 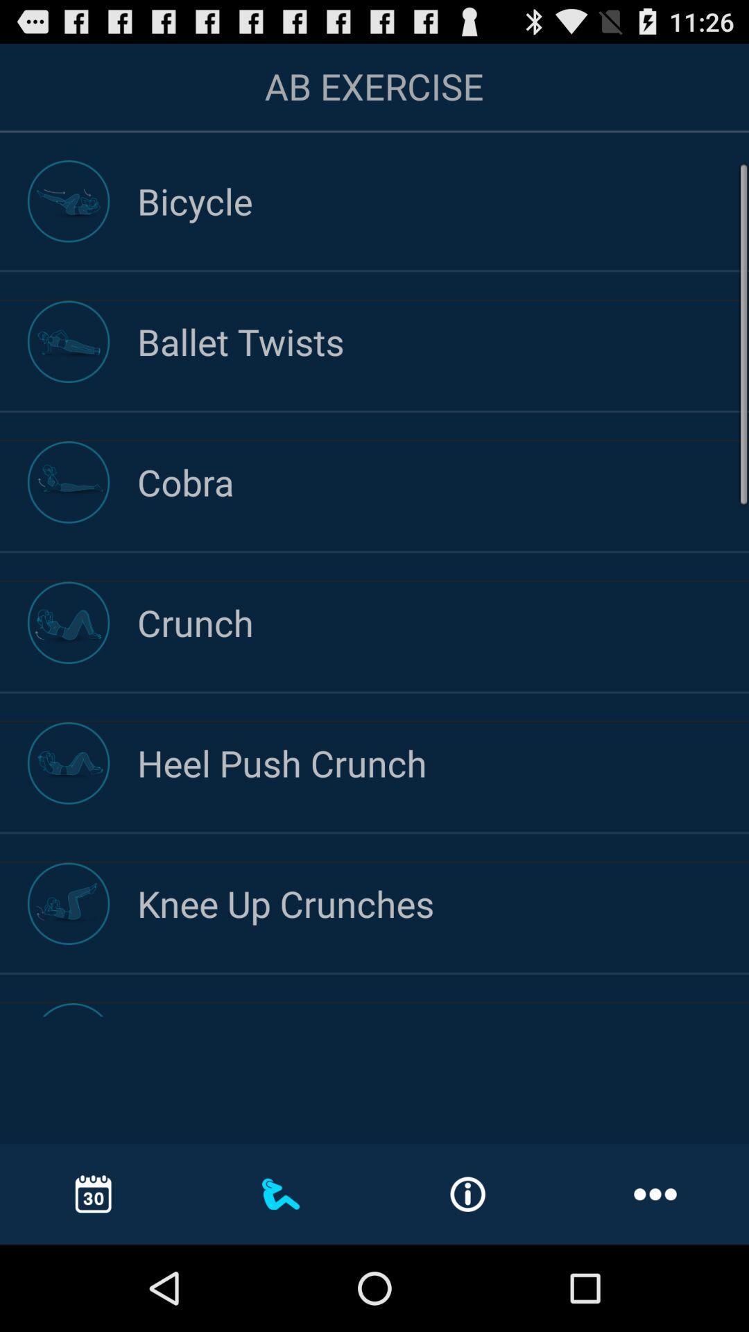 I want to click on icon beside knee up crunches, so click(x=69, y=903).